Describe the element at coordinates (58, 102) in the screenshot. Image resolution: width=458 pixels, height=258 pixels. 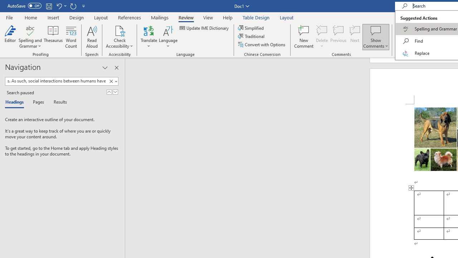
I see `'Results'` at that location.